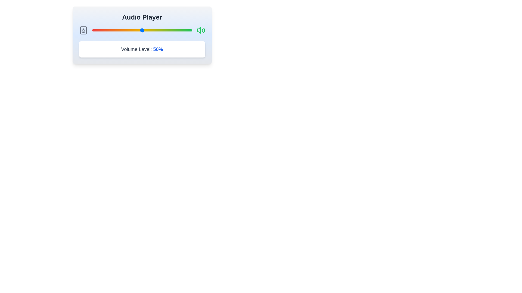  Describe the element at coordinates (135, 30) in the screenshot. I see `the volume slider to 43% by dragging the slider` at that location.